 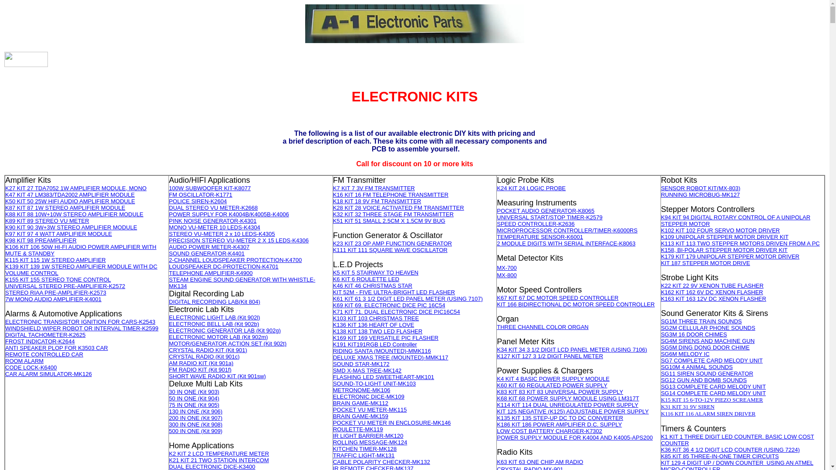 I want to click on 'FROST INDICATOR-K2644', so click(x=39, y=341).